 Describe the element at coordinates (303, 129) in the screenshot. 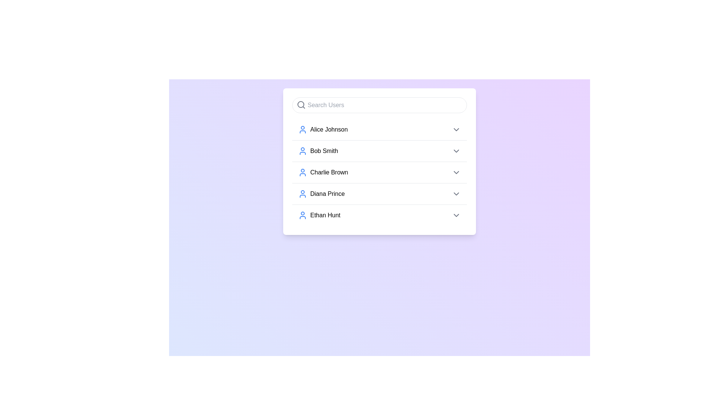

I see `the user avatar icon representing 'Alice Johnson'` at that location.